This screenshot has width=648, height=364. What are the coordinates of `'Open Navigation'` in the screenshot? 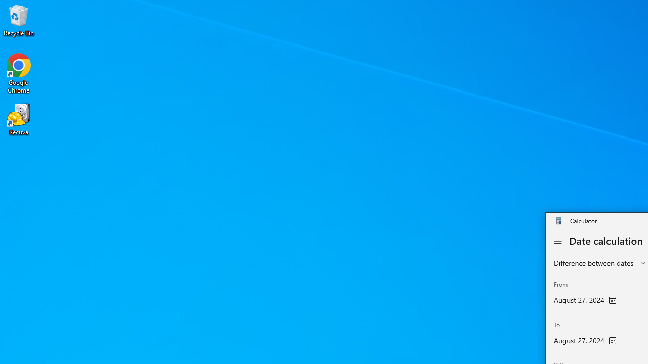 It's located at (557, 241).